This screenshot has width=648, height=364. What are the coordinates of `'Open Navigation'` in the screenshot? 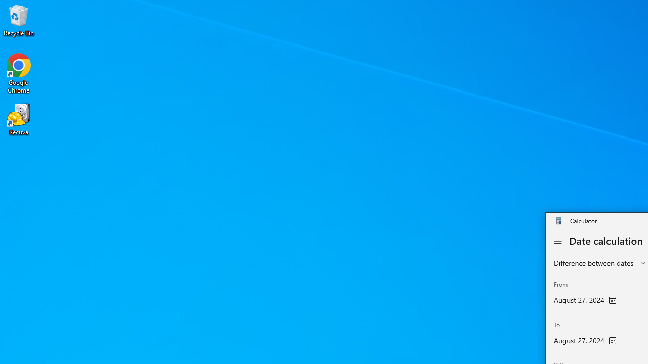 It's located at (557, 241).